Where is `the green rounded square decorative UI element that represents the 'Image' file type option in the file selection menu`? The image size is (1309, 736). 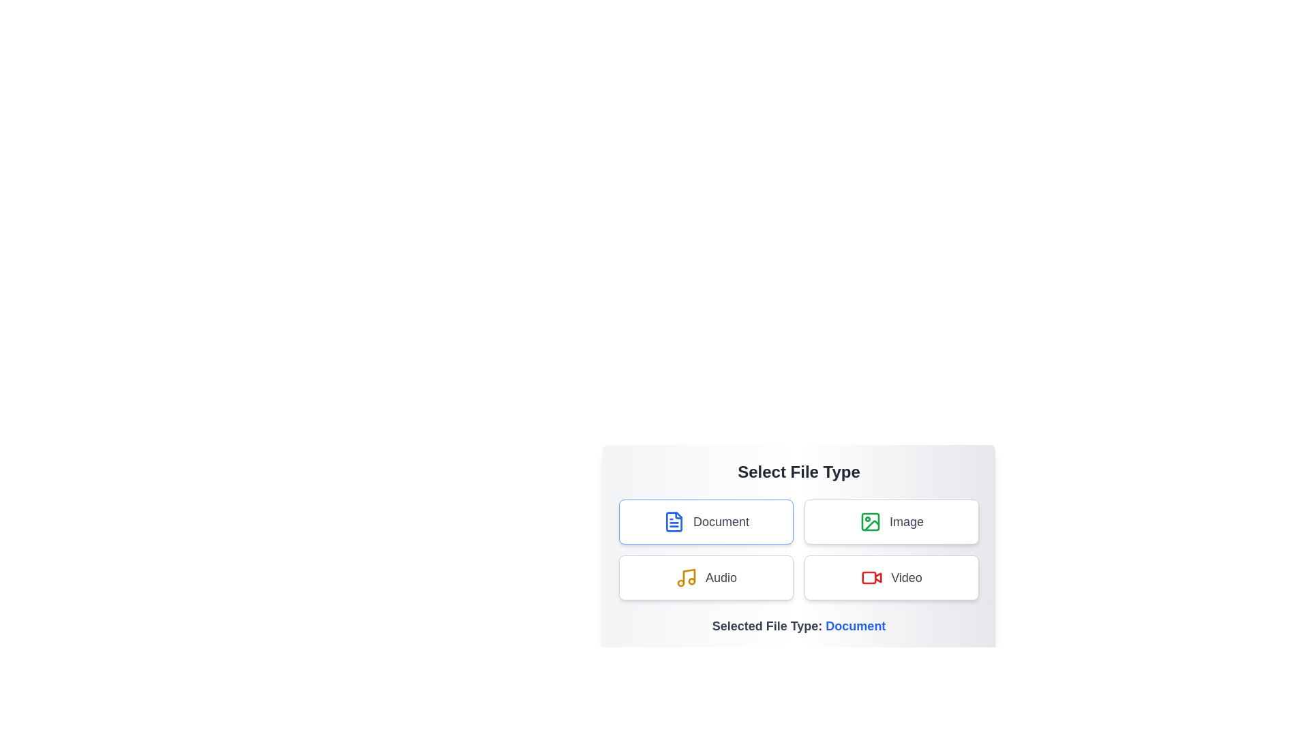 the green rounded square decorative UI element that represents the 'Image' file type option in the file selection menu is located at coordinates (869, 521).